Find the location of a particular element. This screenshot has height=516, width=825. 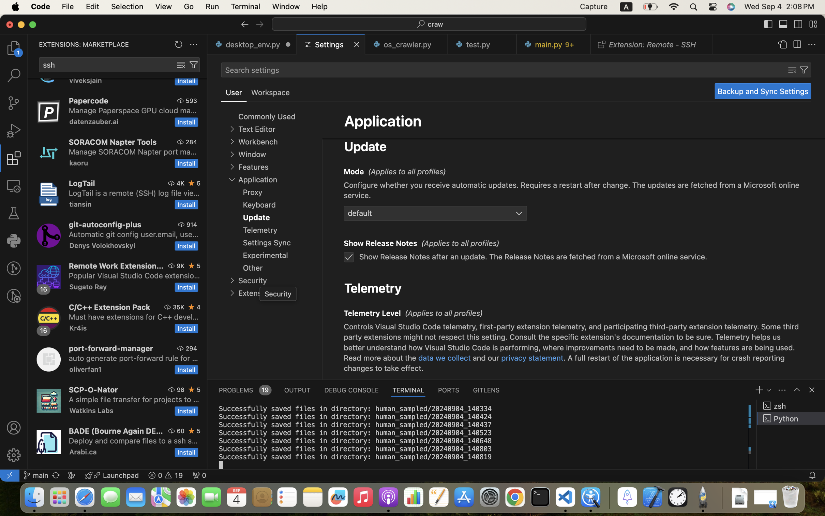

'0 ' is located at coordinates (13, 268).